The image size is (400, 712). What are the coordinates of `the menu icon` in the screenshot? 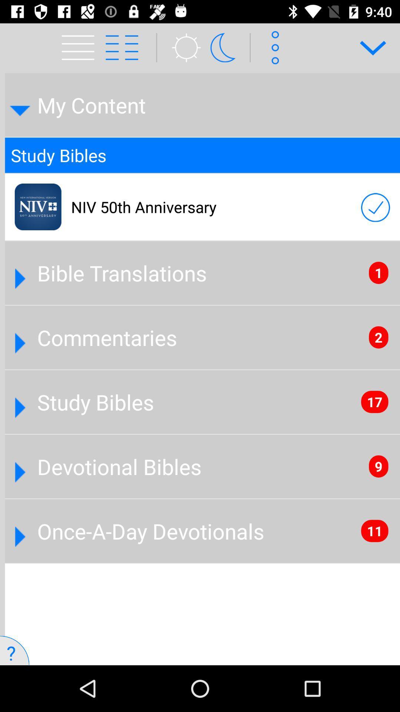 It's located at (80, 47).